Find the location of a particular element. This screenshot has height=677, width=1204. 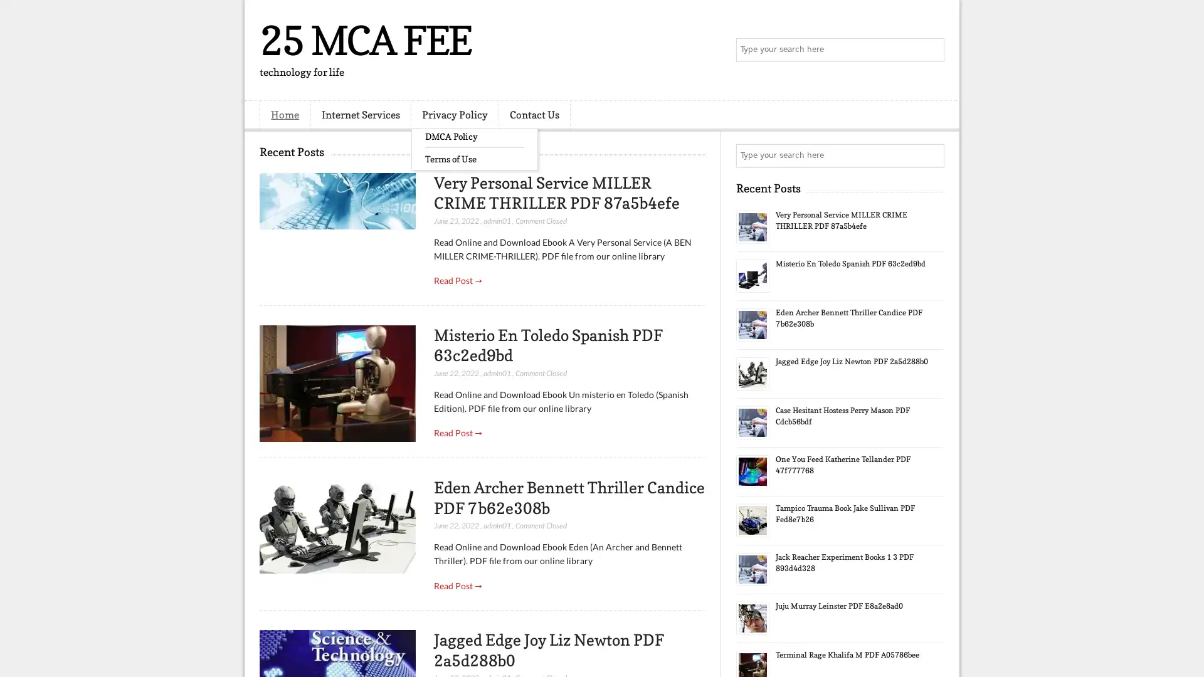

Search is located at coordinates (931, 155).